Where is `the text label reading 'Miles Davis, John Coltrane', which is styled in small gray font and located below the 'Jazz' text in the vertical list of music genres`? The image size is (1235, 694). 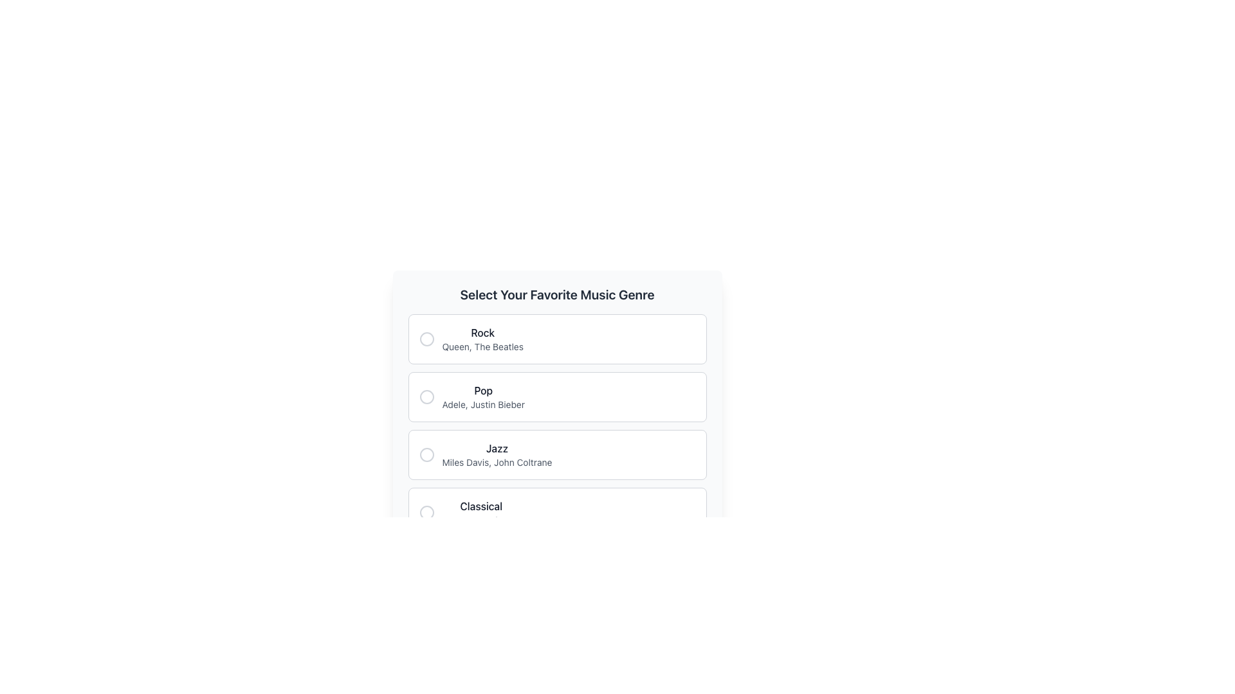 the text label reading 'Miles Davis, John Coltrane', which is styled in small gray font and located below the 'Jazz' text in the vertical list of music genres is located at coordinates (496, 463).